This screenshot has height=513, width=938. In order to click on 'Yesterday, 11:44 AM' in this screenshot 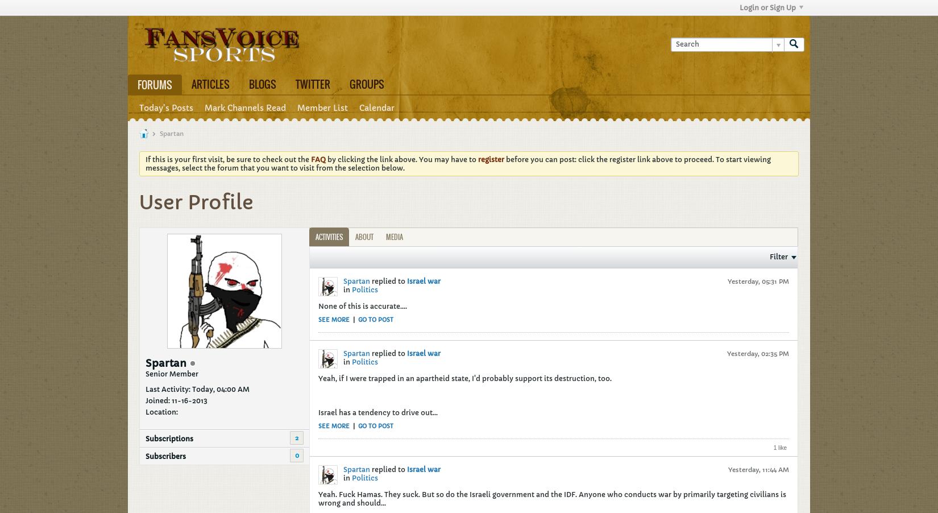, I will do `click(758, 468)`.